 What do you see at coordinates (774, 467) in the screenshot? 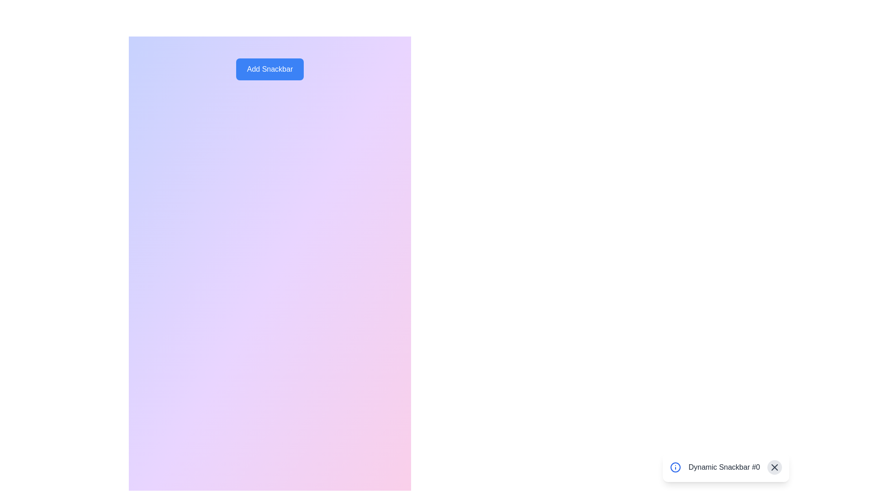
I see `the close button represented by an 'X' icon in dark gray color` at bounding box center [774, 467].